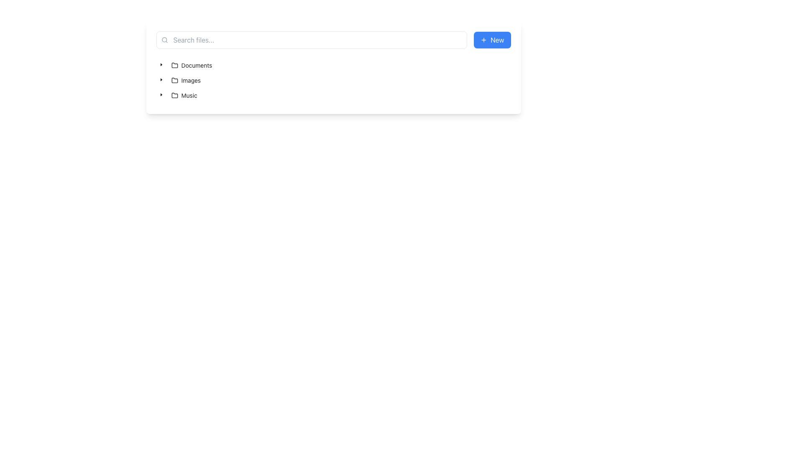  I want to click on the 'Images' folder label, so click(185, 80).